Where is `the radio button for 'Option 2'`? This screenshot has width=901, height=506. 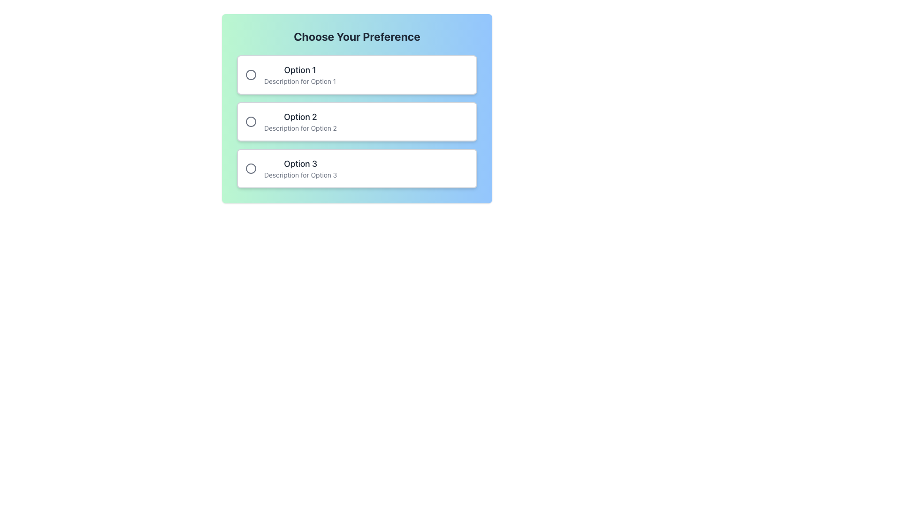 the radio button for 'Option 2' is located at coordinates (251, 121).